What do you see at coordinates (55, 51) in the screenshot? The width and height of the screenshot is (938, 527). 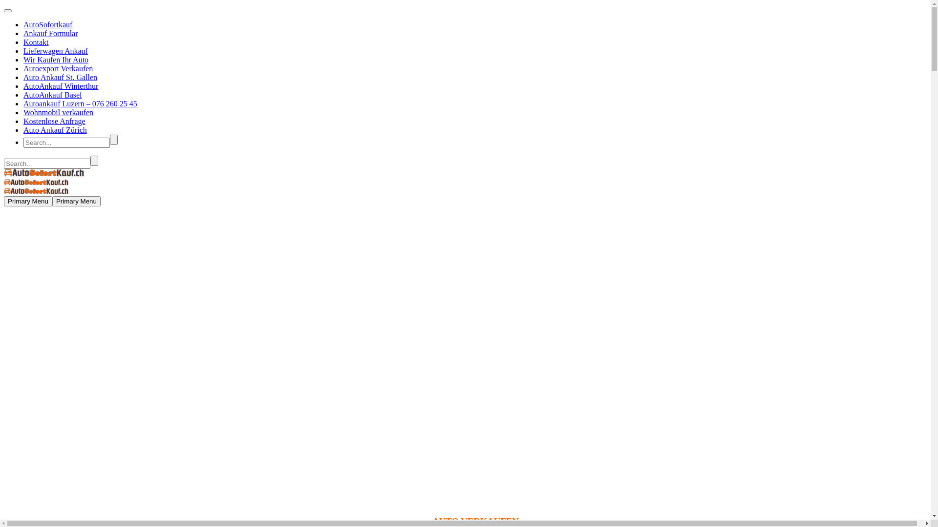 I see `'Lieferwagen Ankauf'` at bounding box center [55, 51].